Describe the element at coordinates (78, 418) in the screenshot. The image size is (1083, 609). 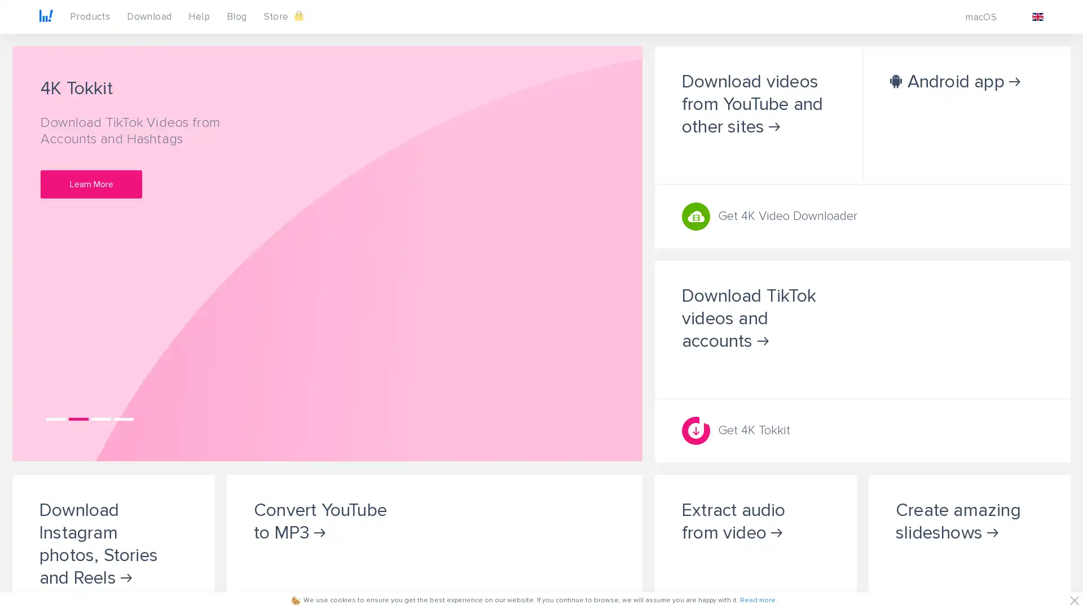
I see `2` at that location.